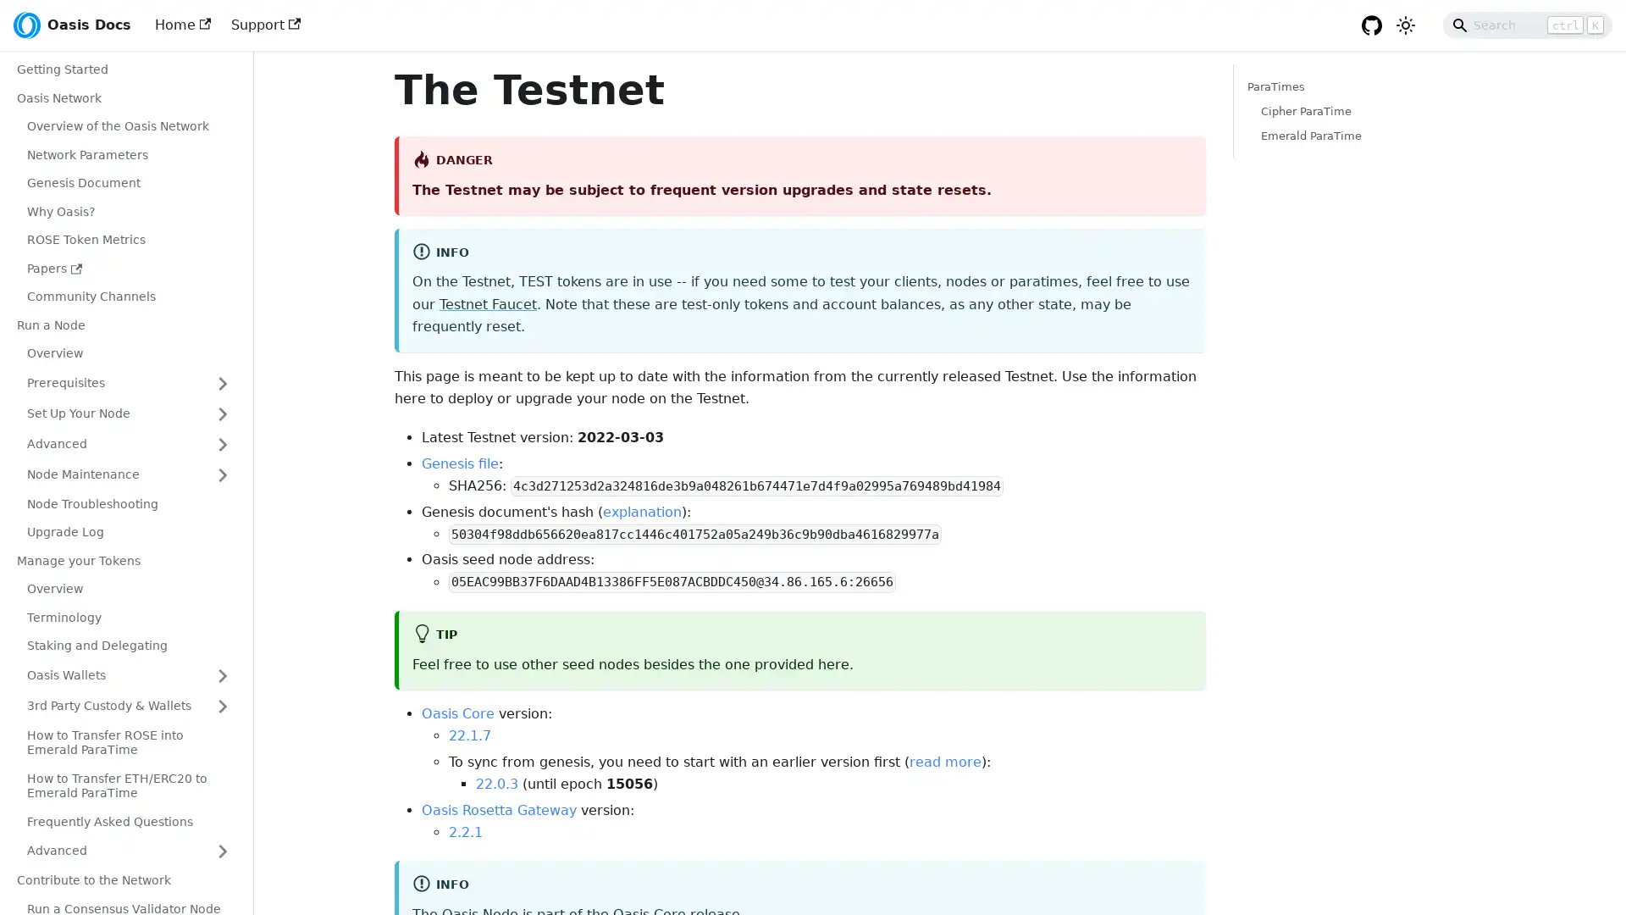 Image resolution: width=1626 pixels, height=915 pixels. What do you see at coordinates (222, 443) in the screenshot?
I see `Toggle the collapsible sidebar category 'Advanced'` at bounding box center [222, 443].